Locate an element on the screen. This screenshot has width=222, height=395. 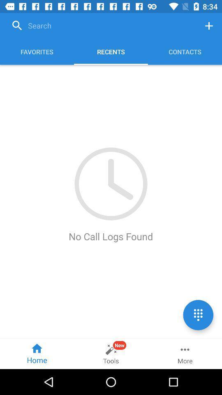
the dialpad icon is located at coordinates (198, 314).